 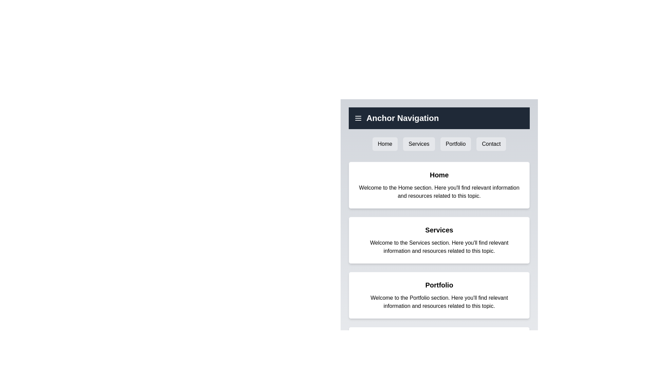 I want to click on the 'Home' label displayed in bold black text at the top section of the Home panel, so click(x=439, y=175).